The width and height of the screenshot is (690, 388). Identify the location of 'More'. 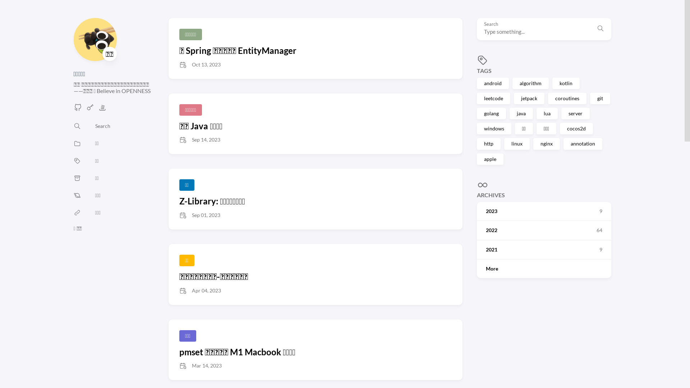
(543, 269).